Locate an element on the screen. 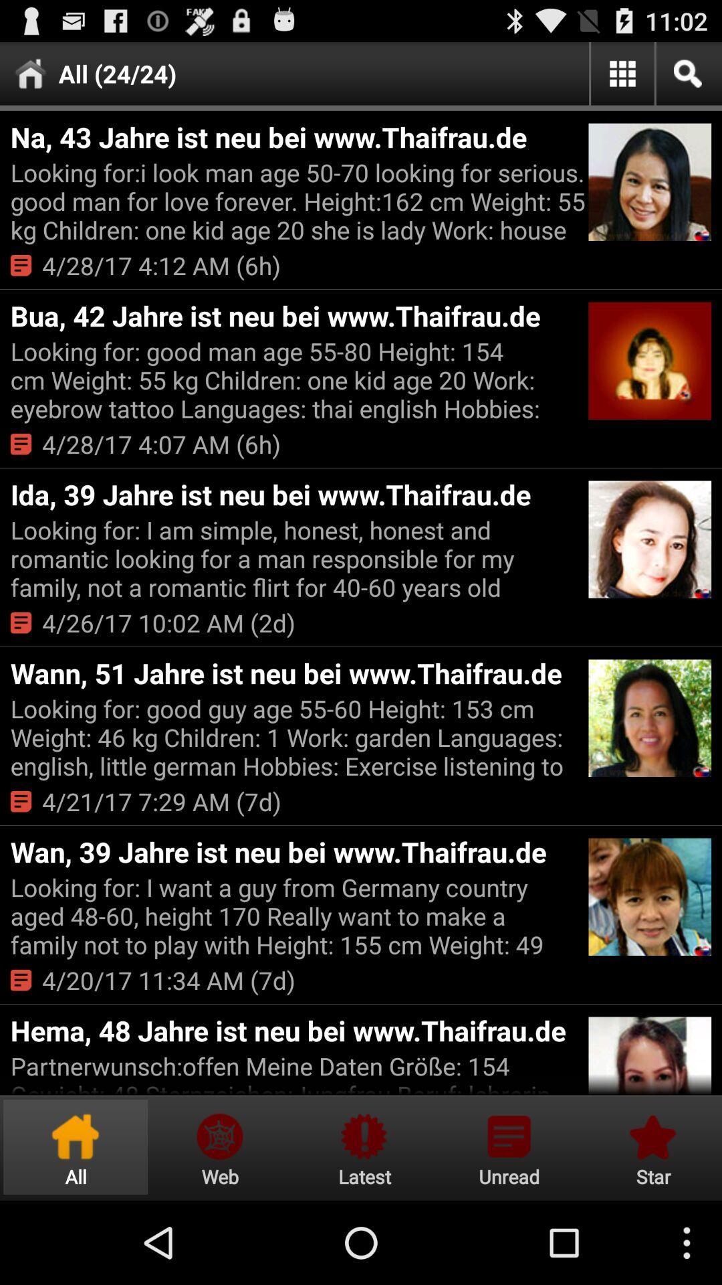 The width and height of the screenshot is (722, 1285). app below the partnerwunsch offen meine is located at coordinates (650, 1146).